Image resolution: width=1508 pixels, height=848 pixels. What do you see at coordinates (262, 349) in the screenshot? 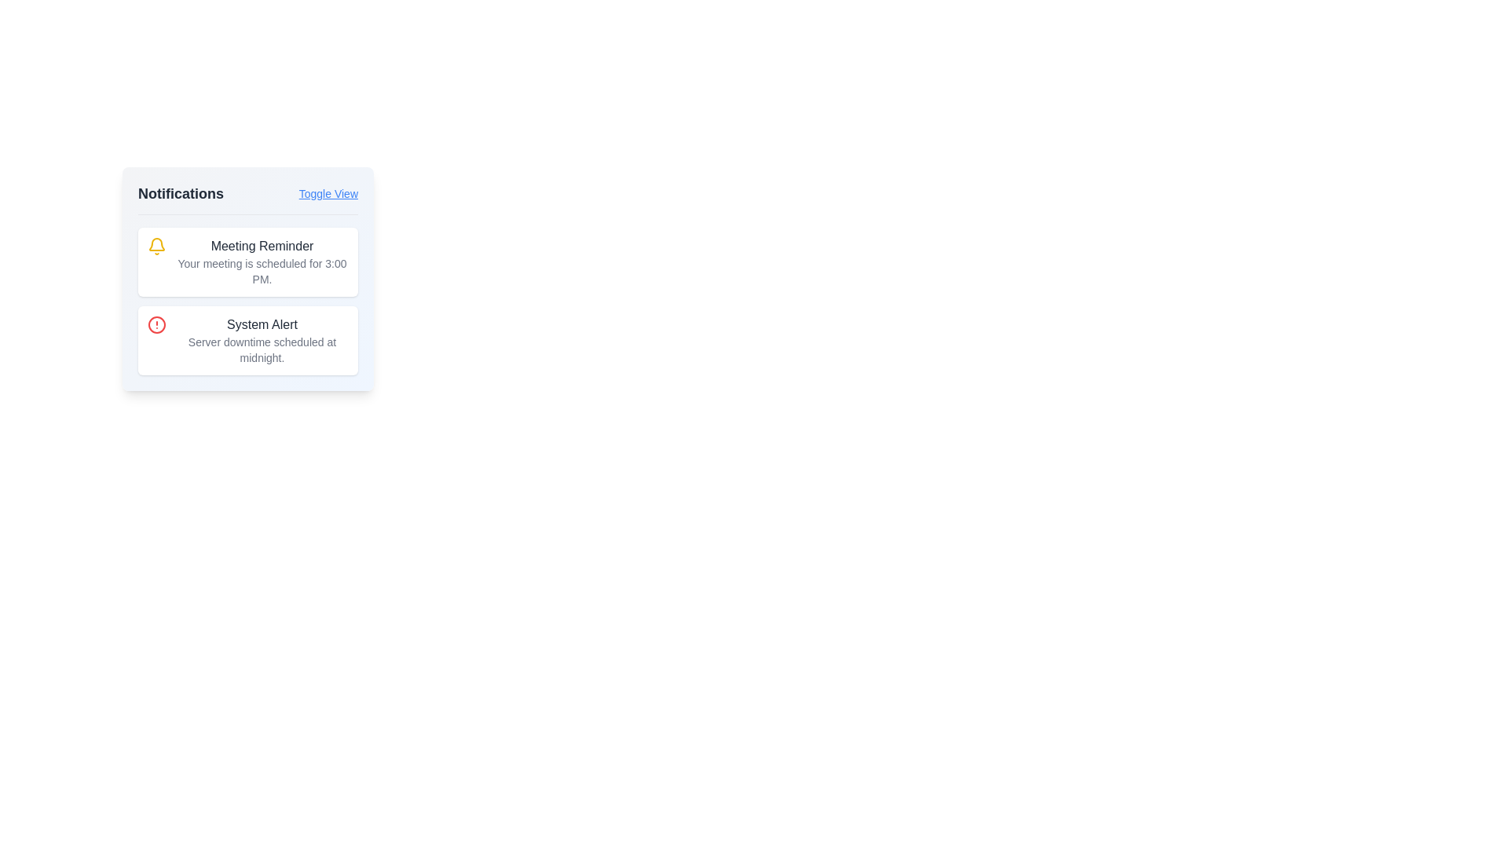
I see `text content of the gray styled text block that says 'Server downtime scheduled at midnight.' located beneath the 'System Alert' title in the second notification card` at bounding box center [262, 349].